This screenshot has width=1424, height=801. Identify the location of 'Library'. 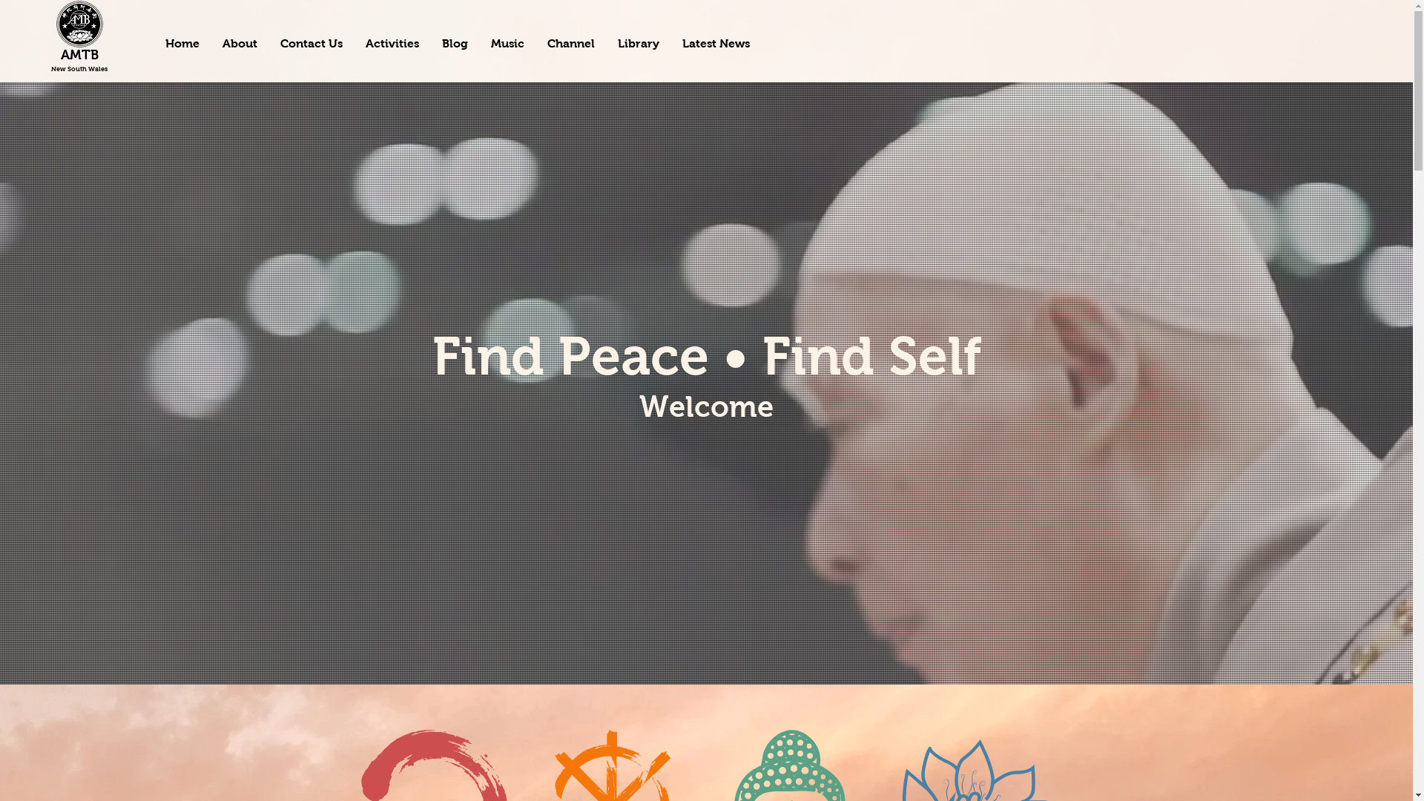
(638, 42).